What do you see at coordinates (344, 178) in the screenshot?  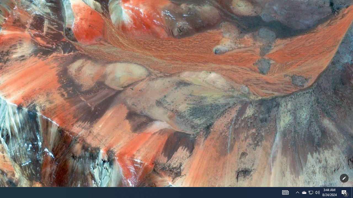 I see `'Customize this page'` at bounding box center [344, 178].